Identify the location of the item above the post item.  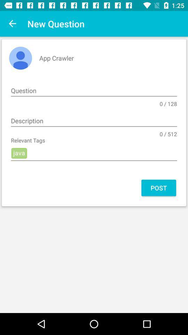
(94, 153).